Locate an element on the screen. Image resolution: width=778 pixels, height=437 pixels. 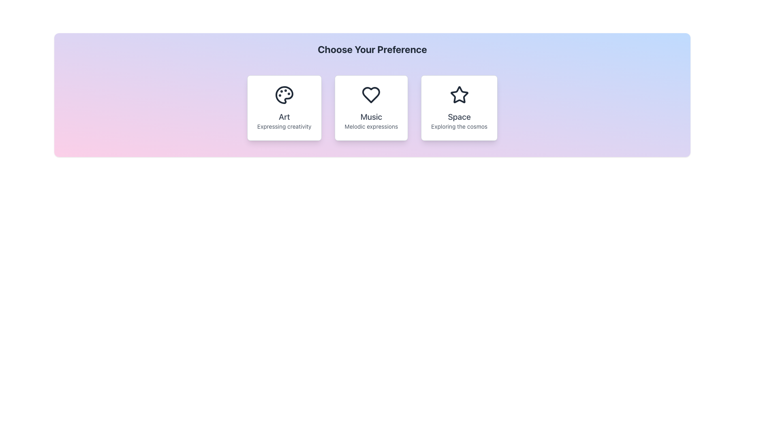
the 'Space' selectable card, which is the third card in a horizontal group is located at coordinates (459, 107).